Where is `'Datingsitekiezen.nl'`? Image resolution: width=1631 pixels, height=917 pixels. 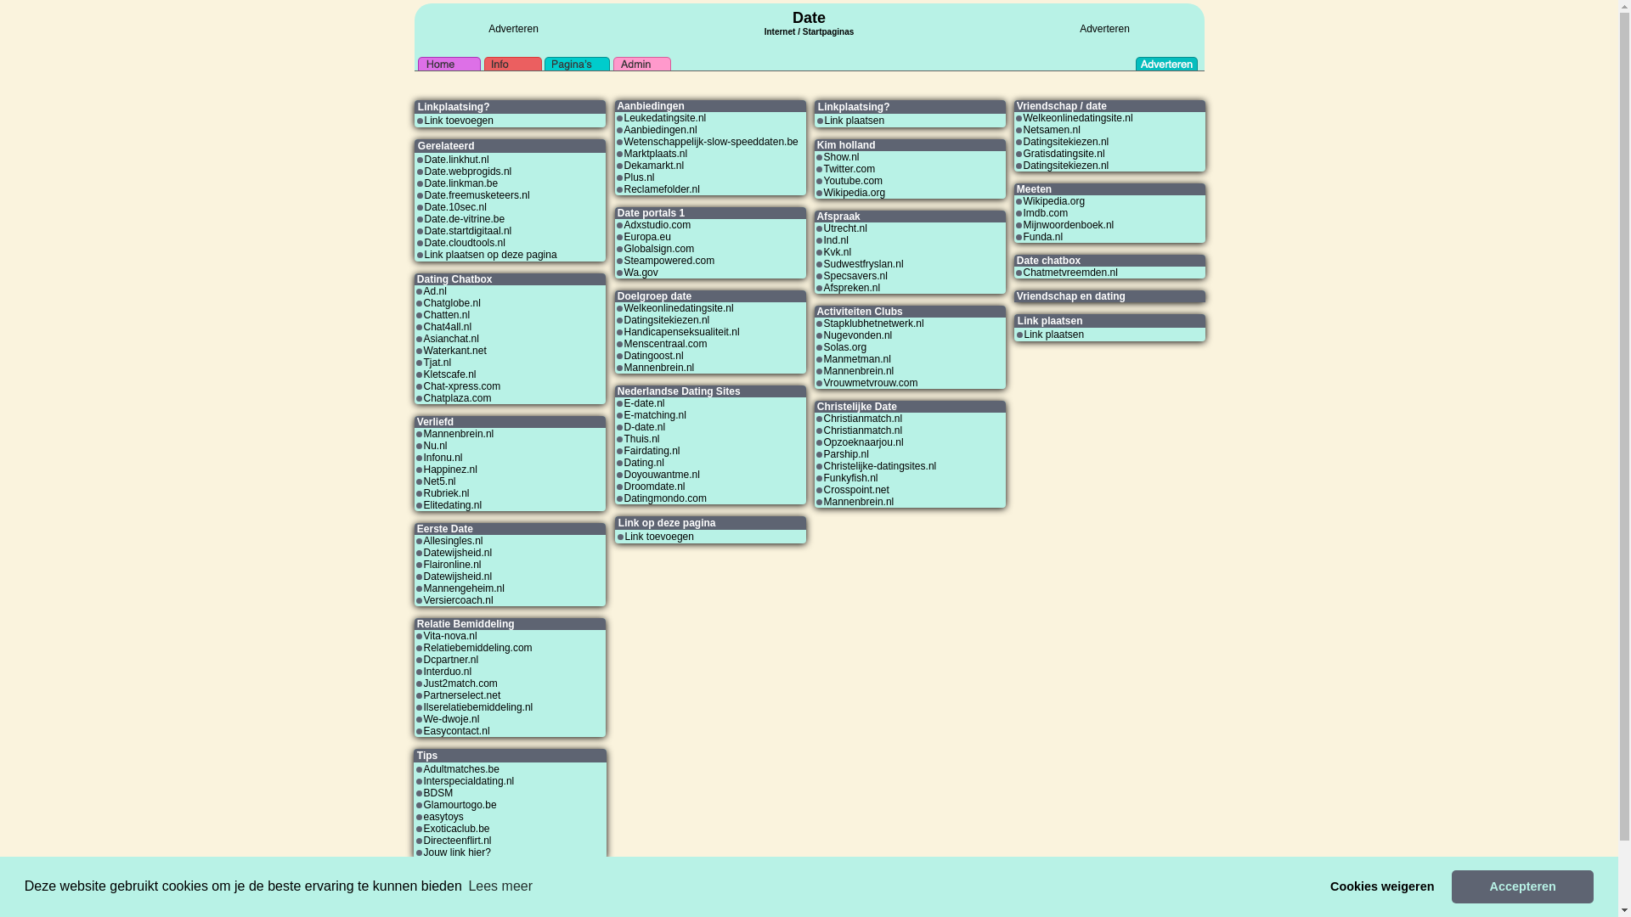 'Datingsitekiezen.nl' is located at coordinates (1064, 166).